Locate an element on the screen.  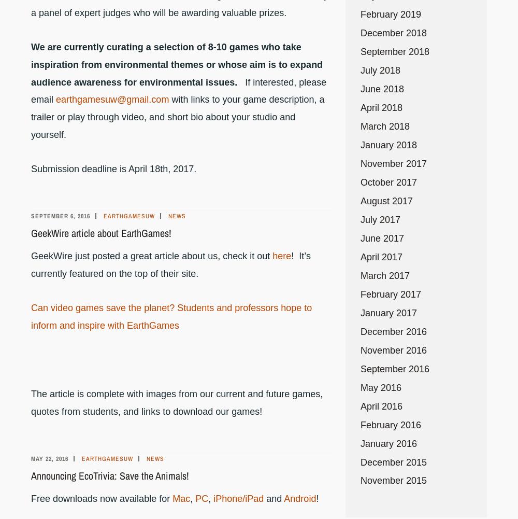
'The article is complete with images from our current and future games, quotes from students, and links to download our games!' is located at coordinates (176, 402).